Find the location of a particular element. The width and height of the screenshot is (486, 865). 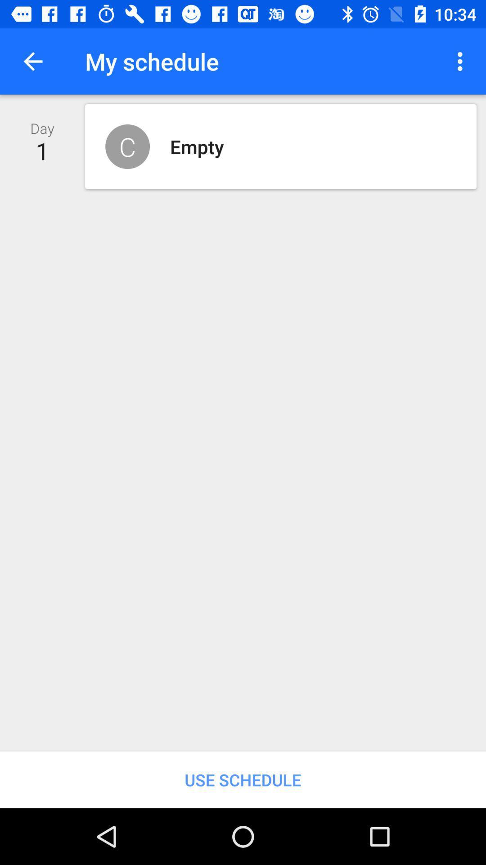

the item to the right of the my schedule icon is located at coordinates (462, 61).